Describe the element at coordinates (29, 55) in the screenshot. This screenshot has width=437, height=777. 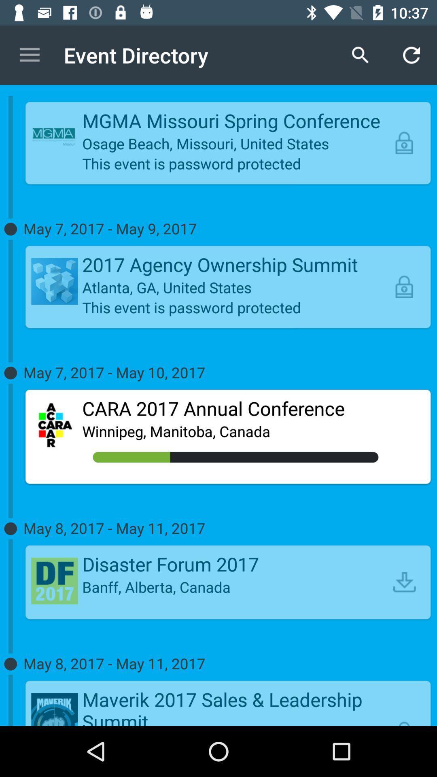
I see `item to the left of event directory item` at that location.